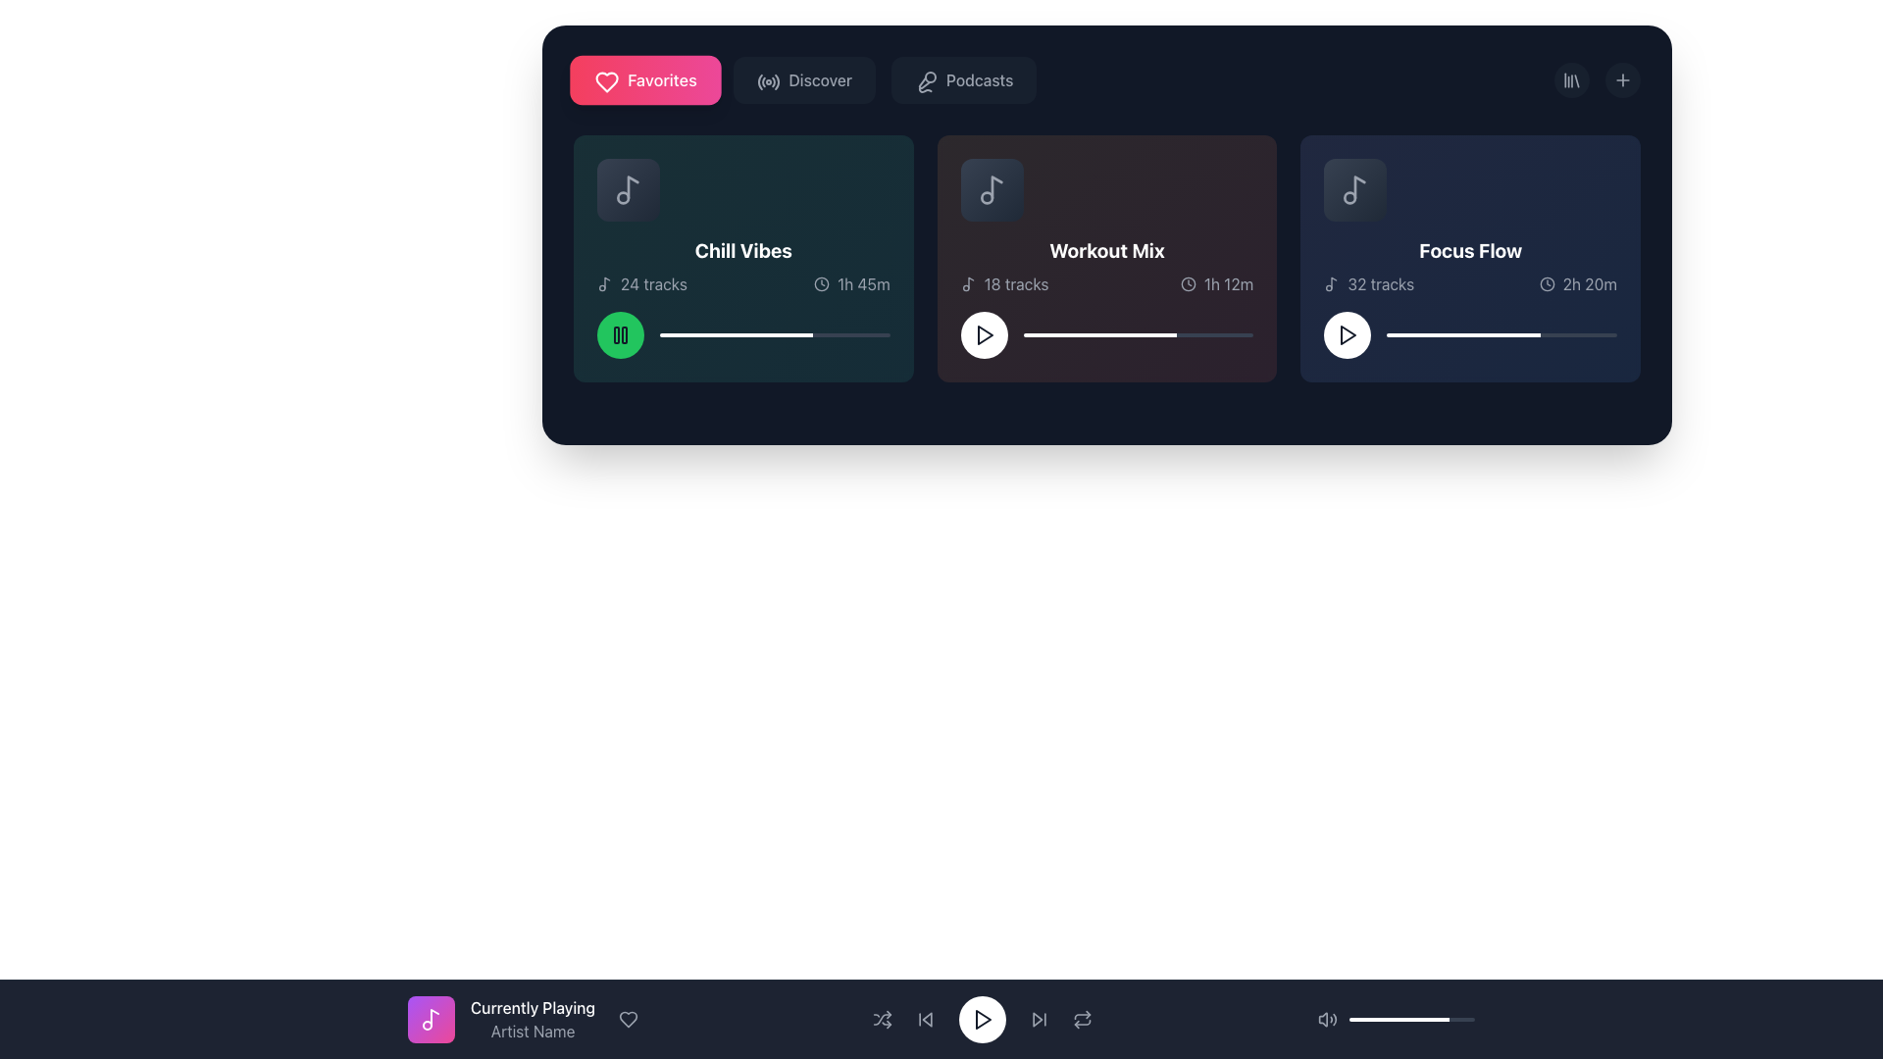 Image resolution: width=1883 pixels, height=1059 pixels. I want to click on the square icon with rounded corners and a gradient background featuring a white music notation symbol, located in the 'Currently Playing' section, so click(431, 1019).